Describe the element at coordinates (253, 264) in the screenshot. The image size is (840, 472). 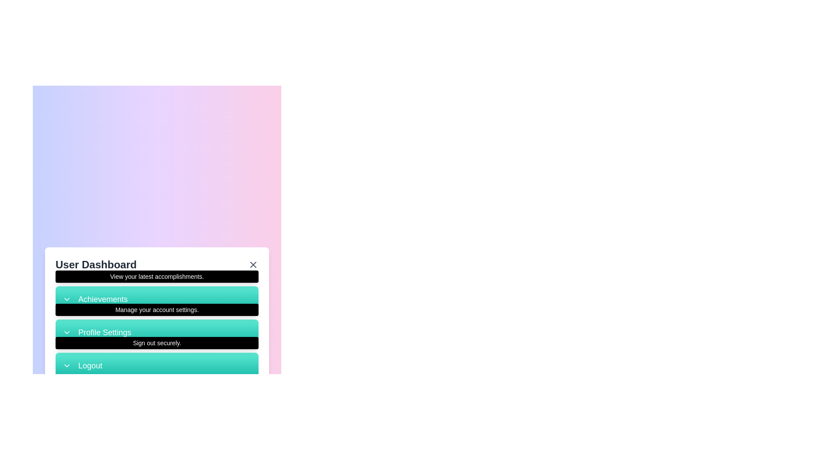
I see `the small button with an 'X' icon in the top-right corner of the 'User Dashboard' header` at that location.